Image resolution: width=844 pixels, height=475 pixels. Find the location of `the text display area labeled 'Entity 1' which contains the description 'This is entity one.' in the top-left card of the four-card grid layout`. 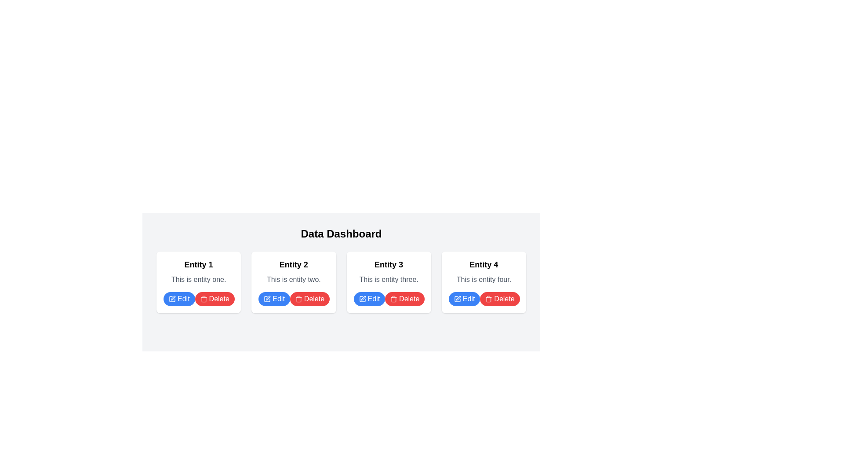

the text display area labeled 'Entity 1' which contains the description 'This is entity one.' in the top-left card of the four-card grid layout is located at coordinates (198, 271).